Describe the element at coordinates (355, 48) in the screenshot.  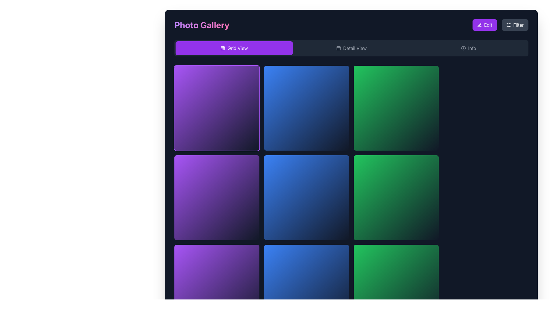
I see `the 'Detail View' tab, which is the second tab in the horizontal tab group, to switch the photo gallery interface to a detail-oriented layout` at that location.